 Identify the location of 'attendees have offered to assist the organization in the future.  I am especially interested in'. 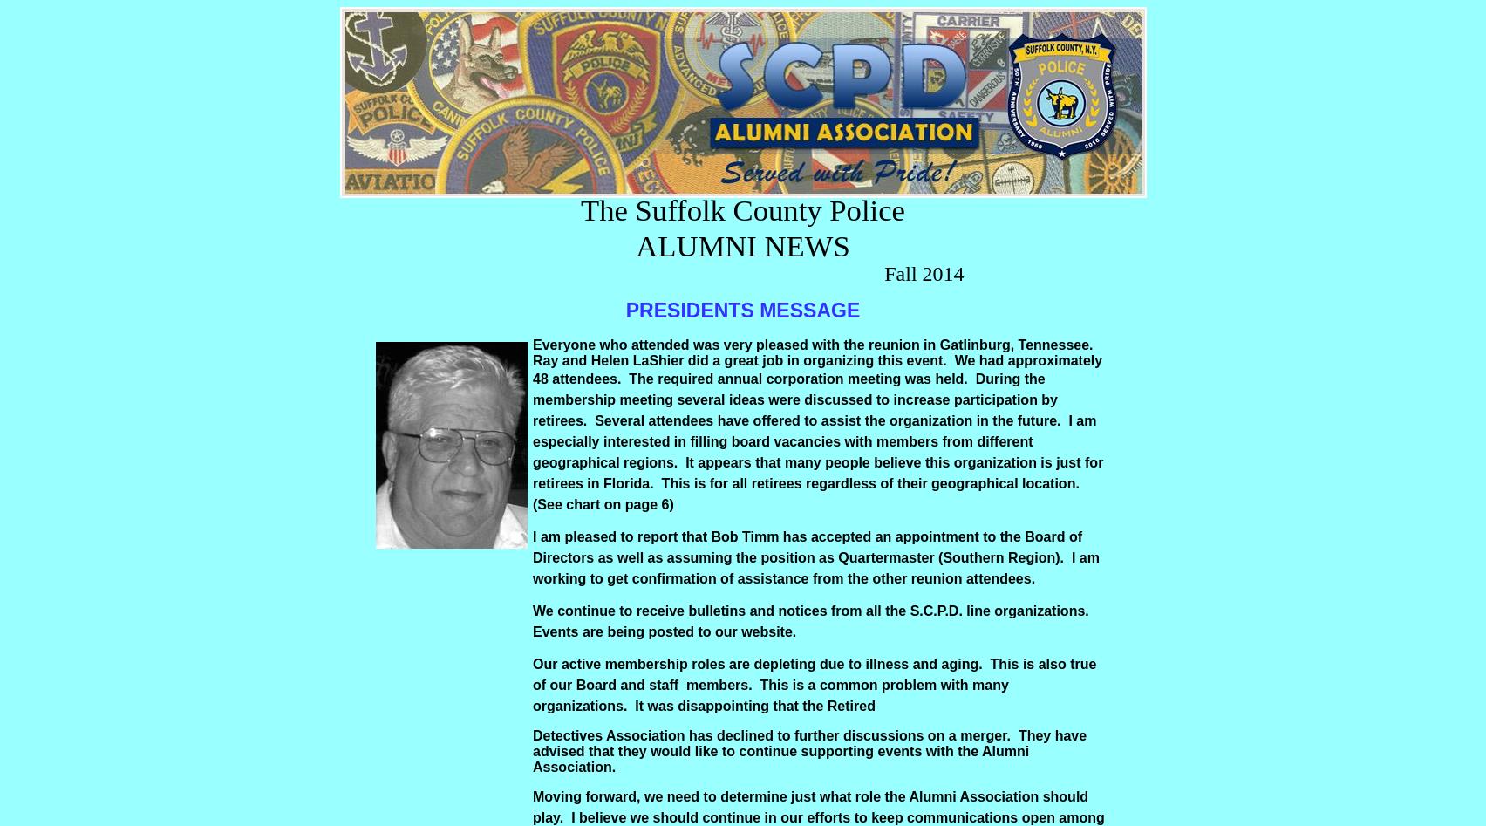
(814, 429).